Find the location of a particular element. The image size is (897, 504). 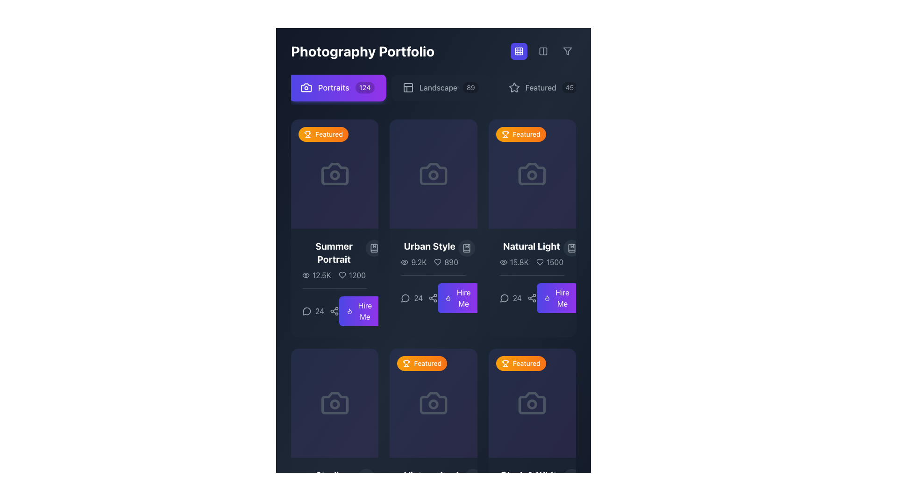

the 'Natural Light' text display element in the Photography Portfolio interface to interact with it, assuming it has assigned functionality is located at coordinates (531, 254).